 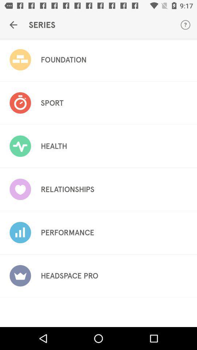 I want to click on item above health, so click(x=51, y=102).